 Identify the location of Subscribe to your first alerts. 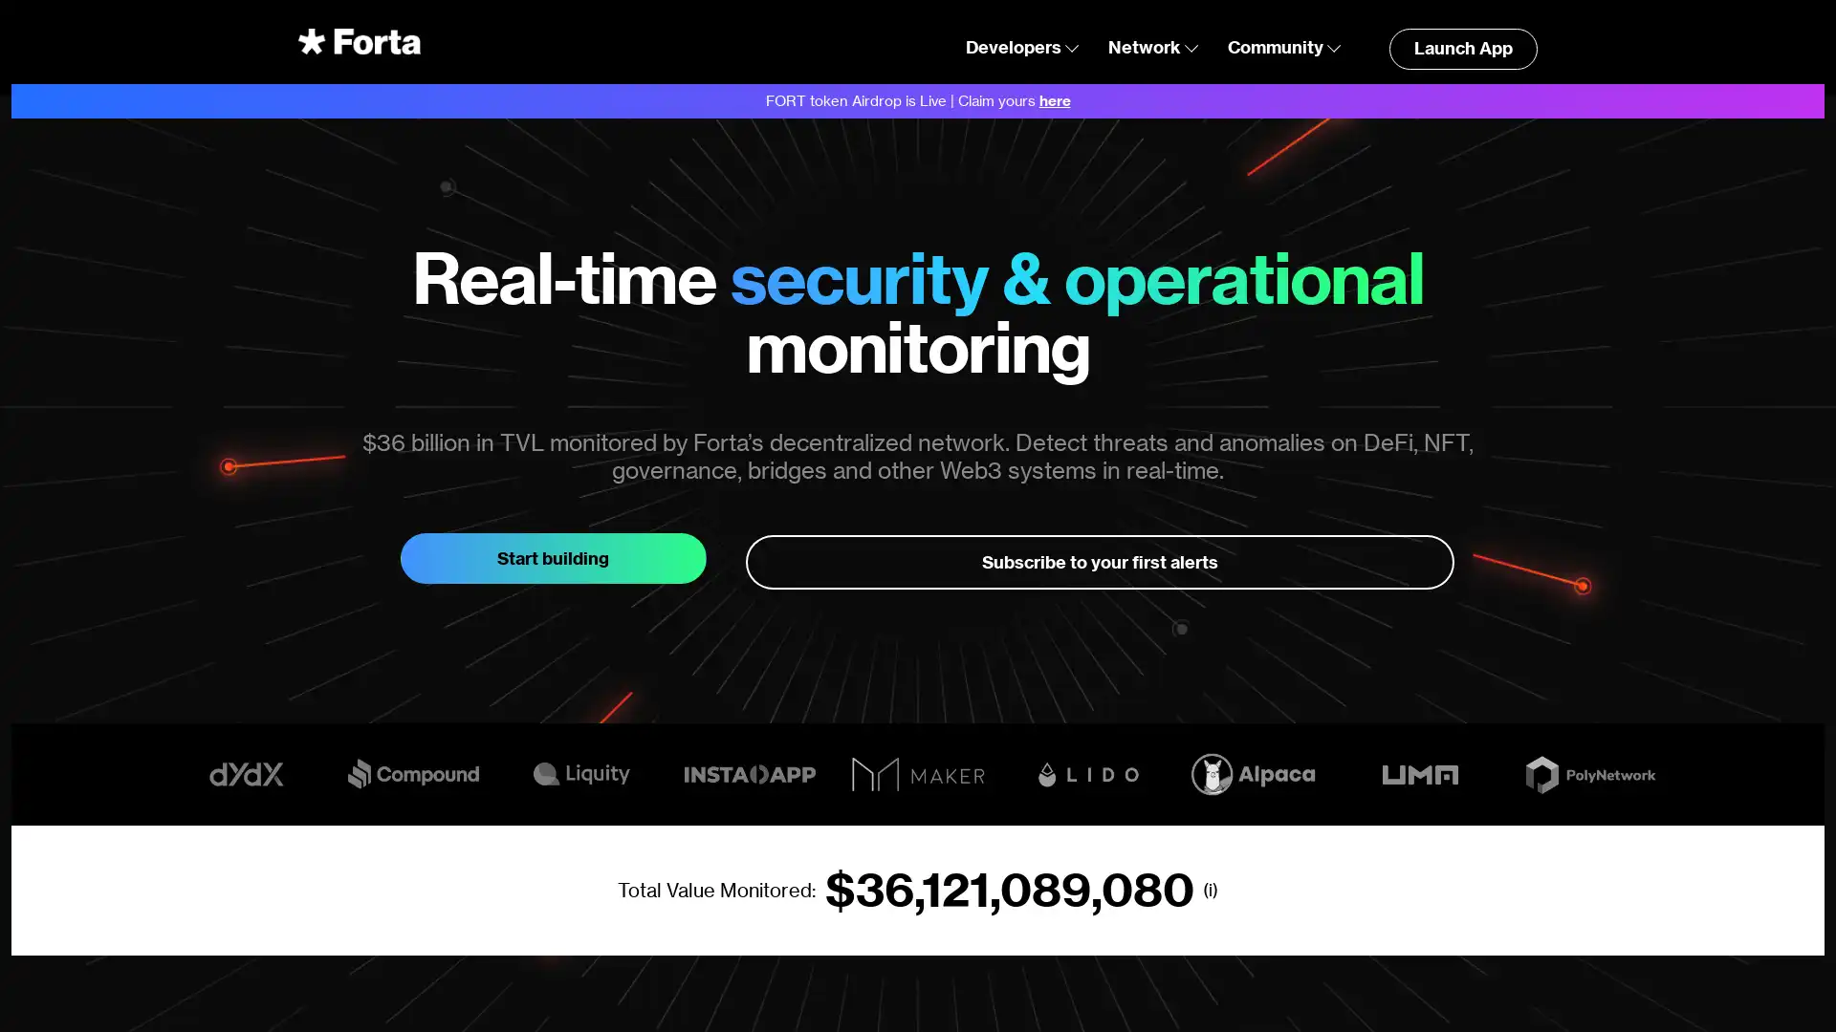
(1102, 557).